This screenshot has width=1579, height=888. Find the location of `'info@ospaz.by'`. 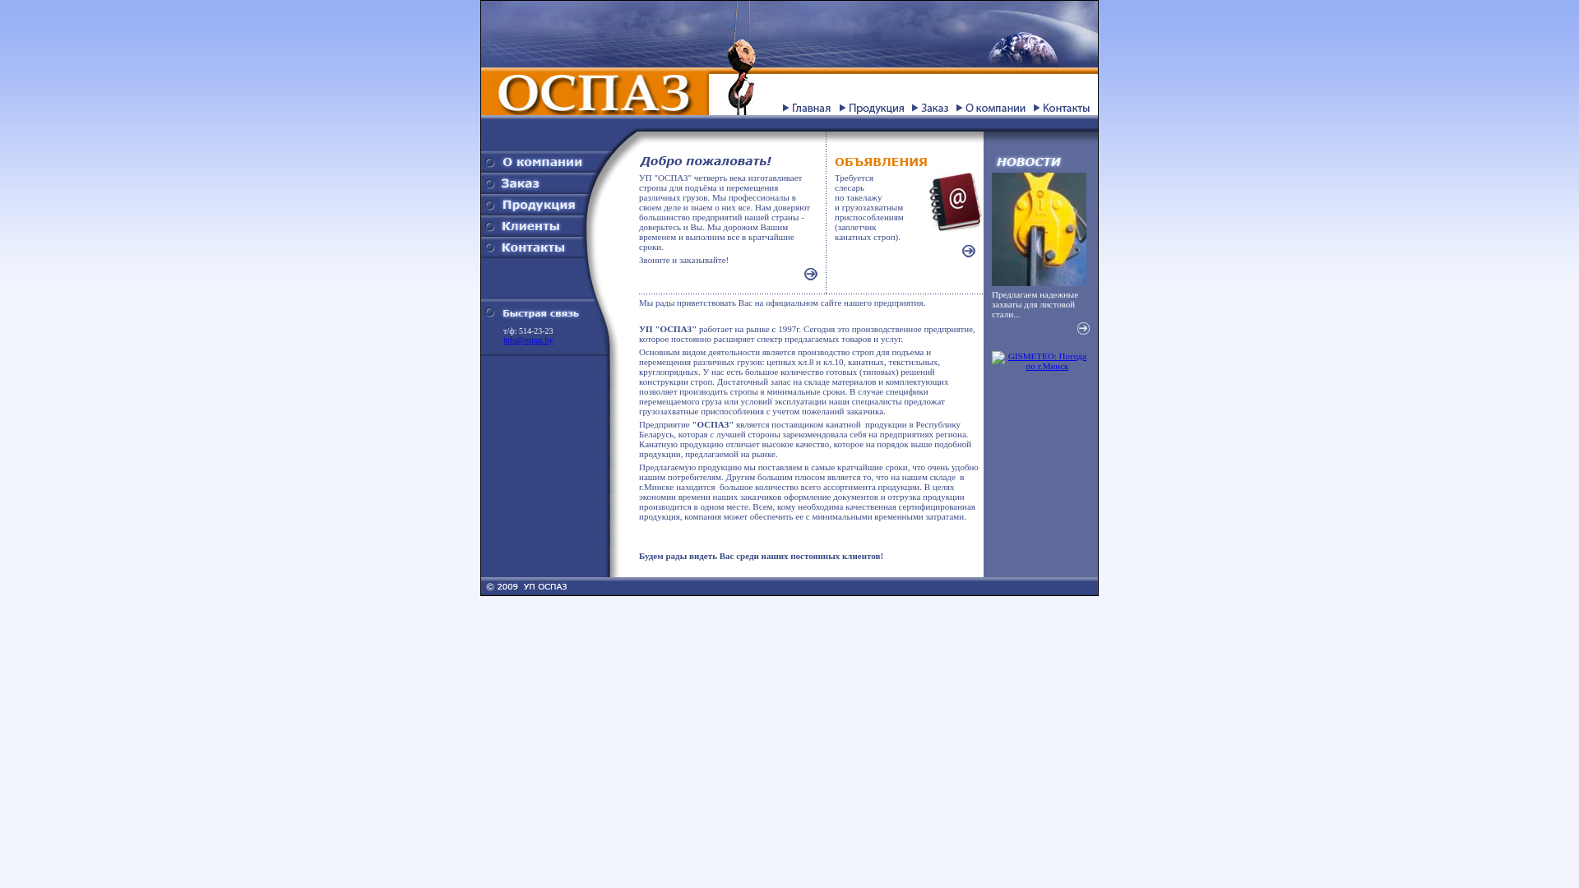

'info@ospaz.by' is located at coordinates (528, 339).